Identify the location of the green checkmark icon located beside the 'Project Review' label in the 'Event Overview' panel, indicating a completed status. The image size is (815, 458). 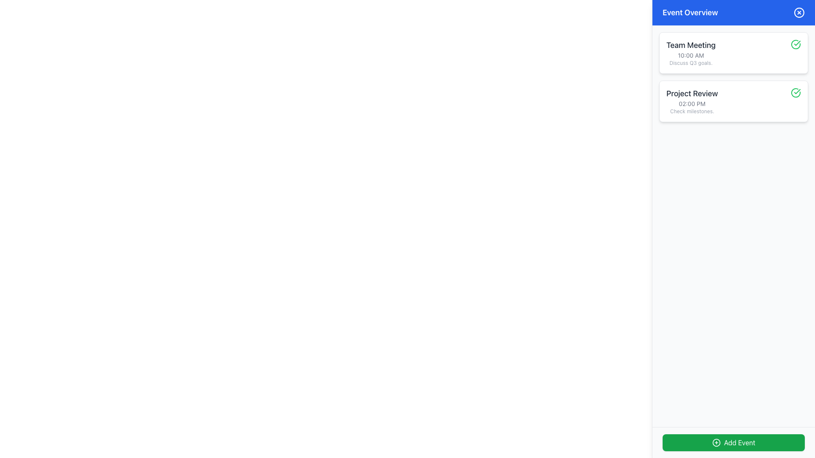
(797, 43).